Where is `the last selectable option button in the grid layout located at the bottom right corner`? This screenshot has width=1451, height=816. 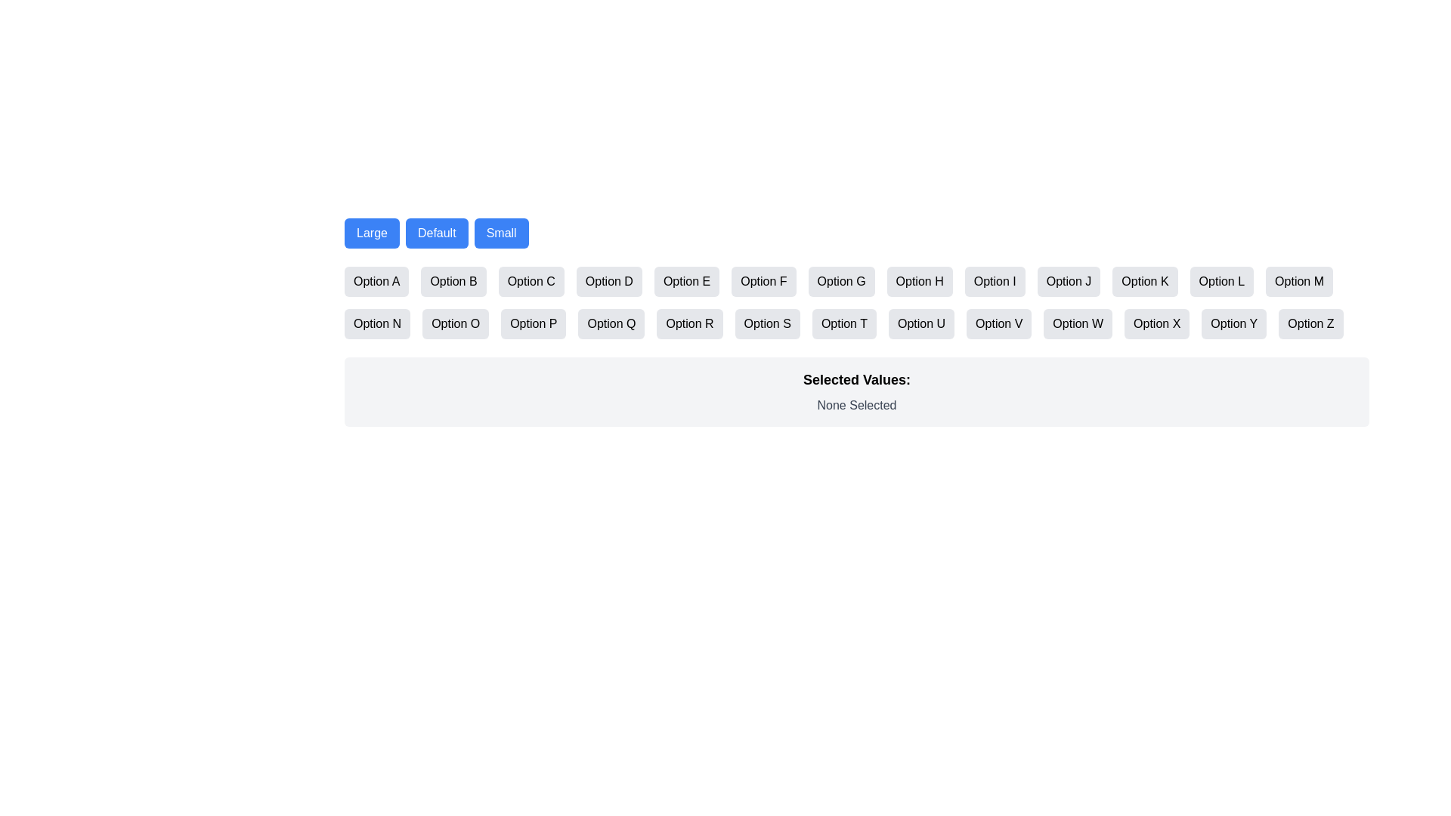 the last selectable option button in the grid layout located at the bottom right corner is located at coordinates (1310, 323).